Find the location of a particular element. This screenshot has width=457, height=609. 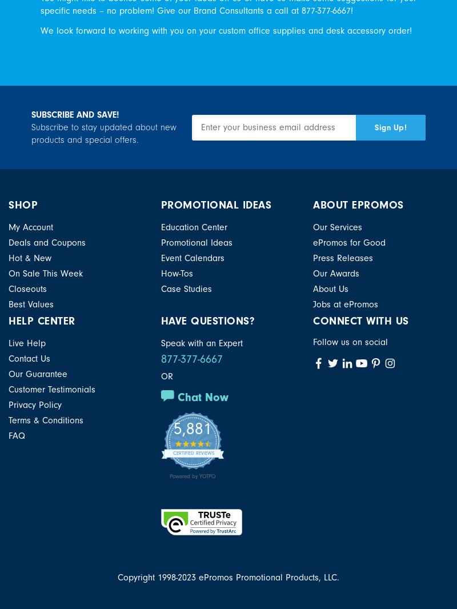

'OR' is located at coordinates (166, 375).